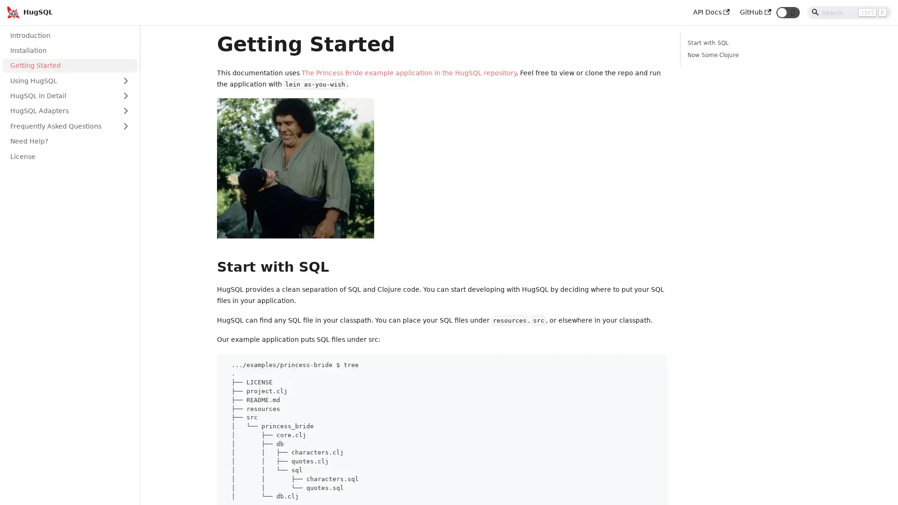  What do you see at coordinates (125, 110) in the screenshot?
I see `Toggle the collapsible sidebar category 'HugSQL Adapters'` at bounding box center [125, 110].